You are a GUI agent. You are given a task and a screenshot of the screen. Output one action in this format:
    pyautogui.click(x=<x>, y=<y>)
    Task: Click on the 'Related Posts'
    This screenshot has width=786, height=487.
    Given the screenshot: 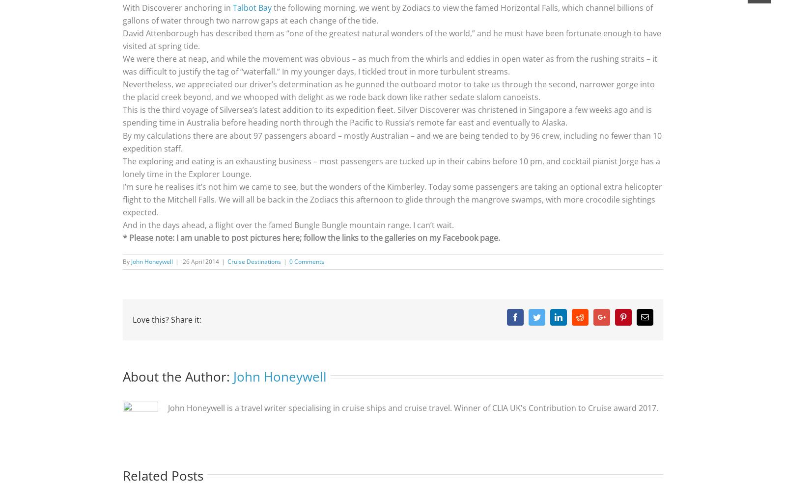 What is the action you would take?
    pyautogui.click(x=163, y=475)
    